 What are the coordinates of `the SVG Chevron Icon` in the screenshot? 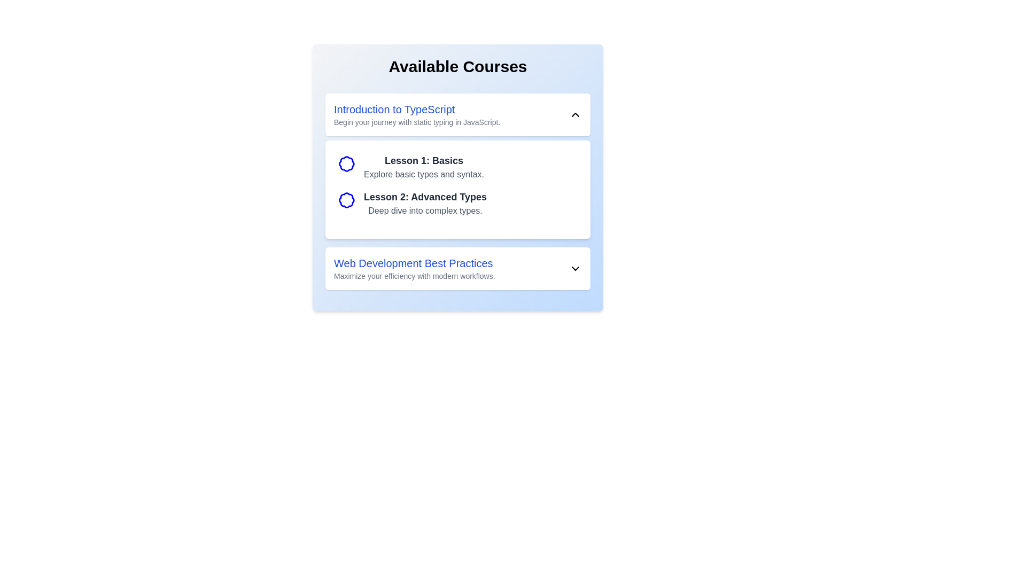 It's located at (574, 268).